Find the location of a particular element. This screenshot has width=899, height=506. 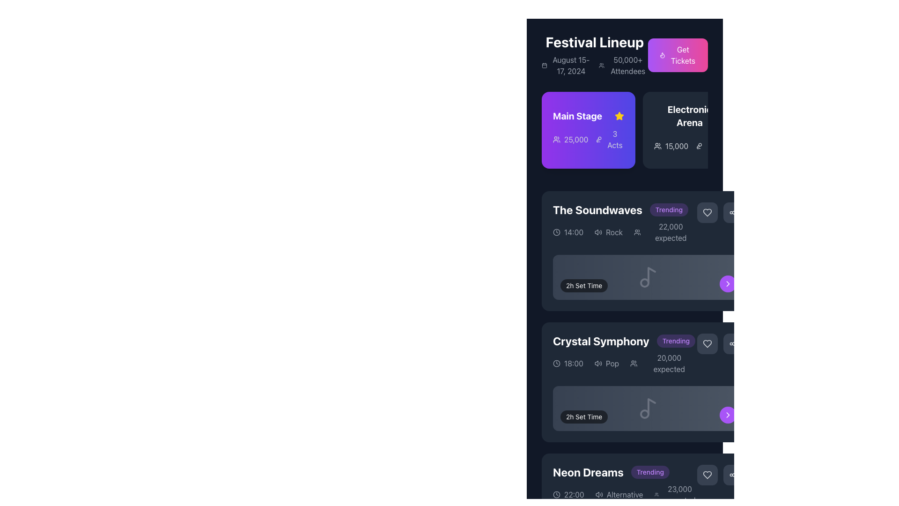

the textual information block displaying event details, which includes 'The Soundwaves' headline, a 'Trending' badge, and various icons for time, genre, and expected attendees is located at coordinates (625, 223).